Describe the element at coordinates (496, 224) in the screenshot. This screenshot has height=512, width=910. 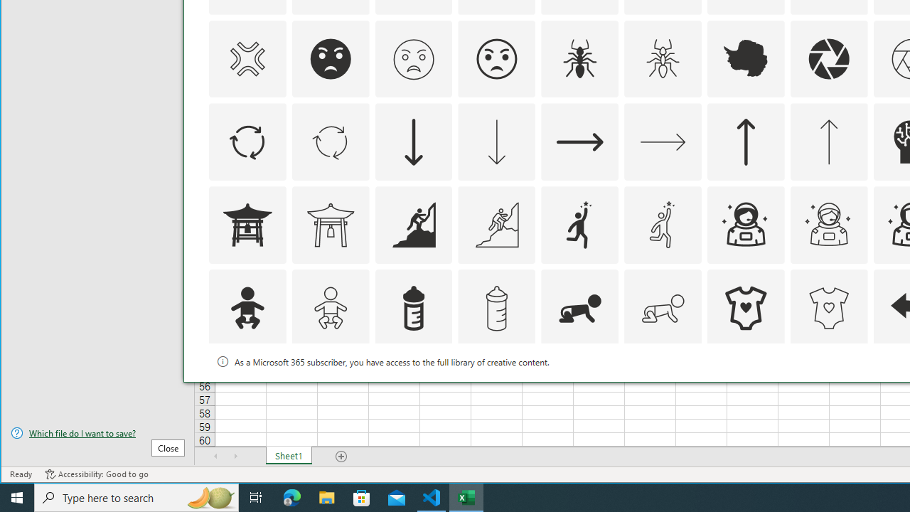
I see `'AutomationID: Icons_Aspiration_M'` at that location.